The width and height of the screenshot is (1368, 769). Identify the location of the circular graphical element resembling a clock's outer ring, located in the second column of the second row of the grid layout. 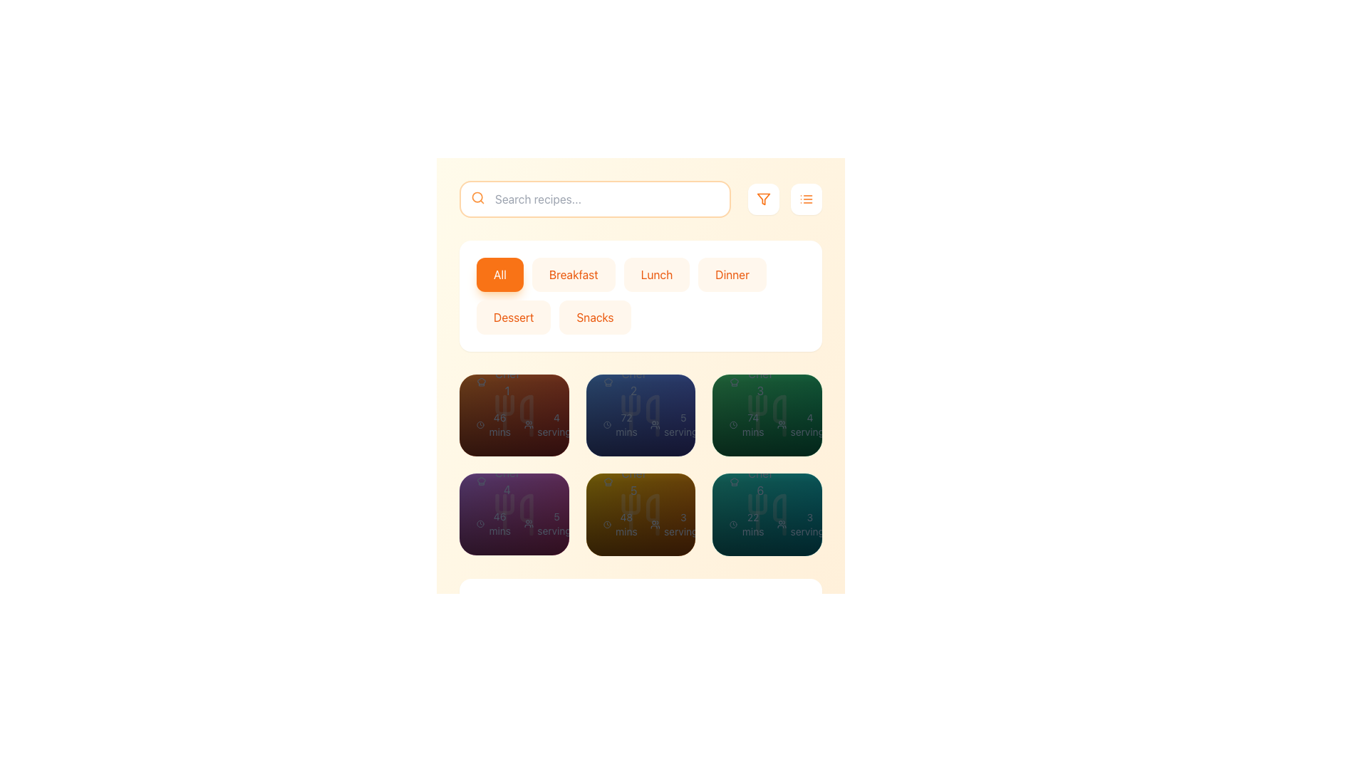
(607, 424).